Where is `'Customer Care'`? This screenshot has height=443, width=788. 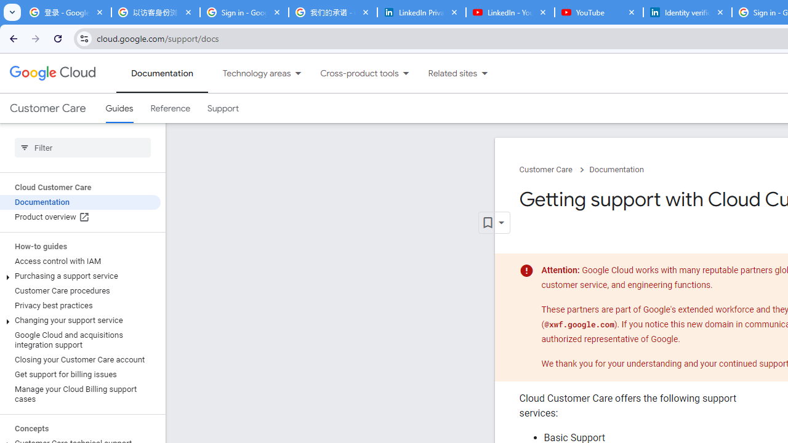 'Customer Care' is located at coordinates (47, 108).